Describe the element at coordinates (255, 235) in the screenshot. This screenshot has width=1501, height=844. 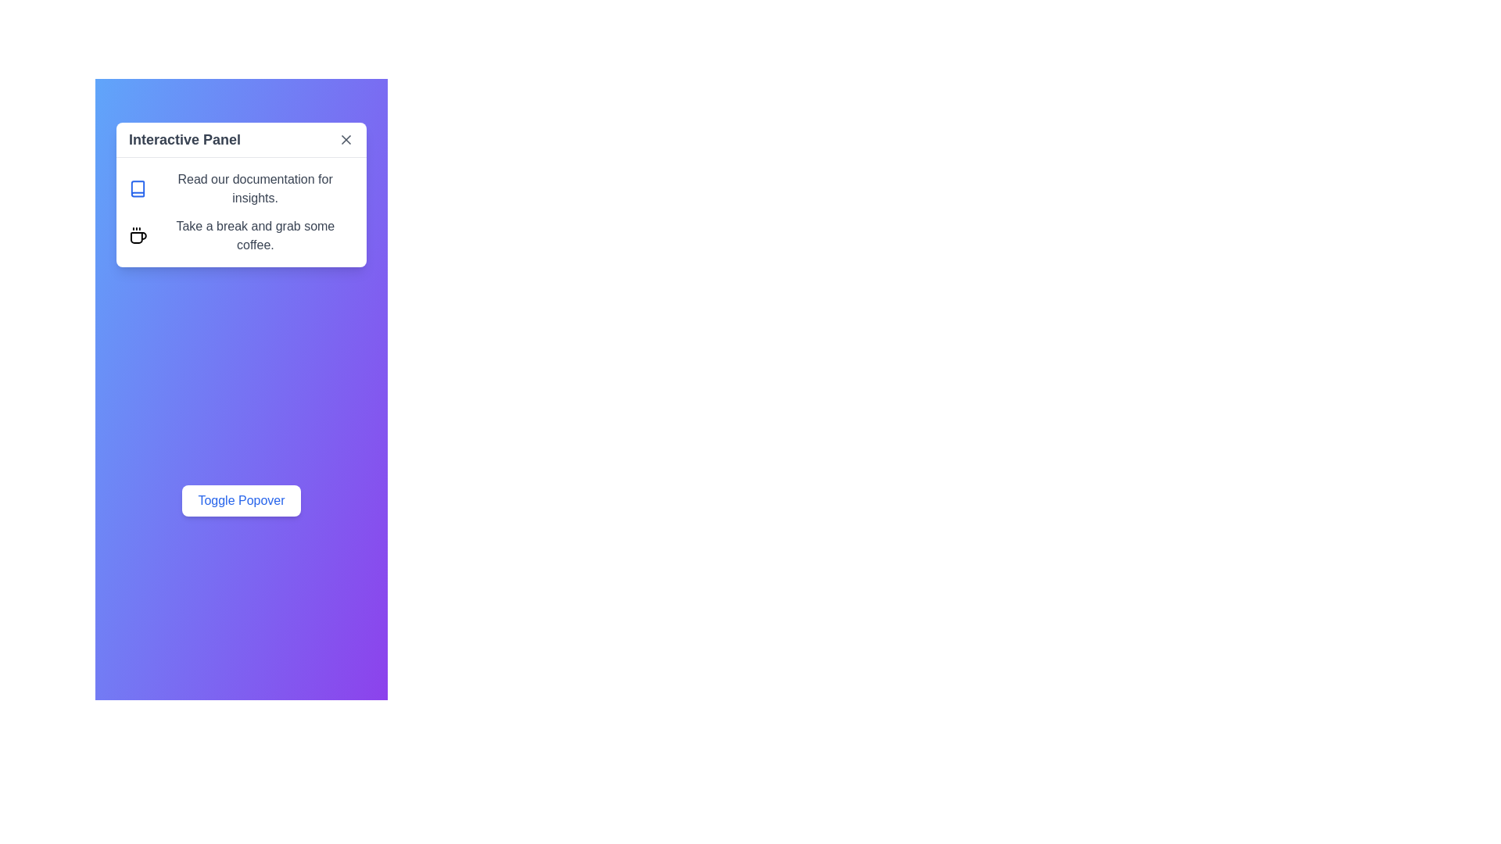
I see `the text element displaying 'Take a break and grab some coffee.'` at that location.